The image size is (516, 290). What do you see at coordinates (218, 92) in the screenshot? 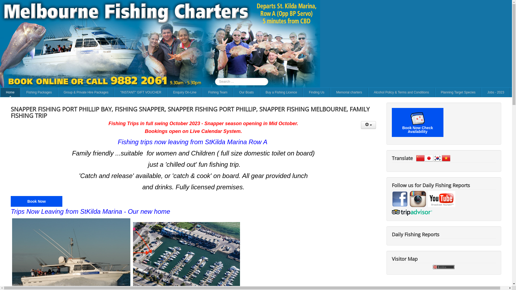
I see `'Fishing Team'` at bounding box center [218, 92].